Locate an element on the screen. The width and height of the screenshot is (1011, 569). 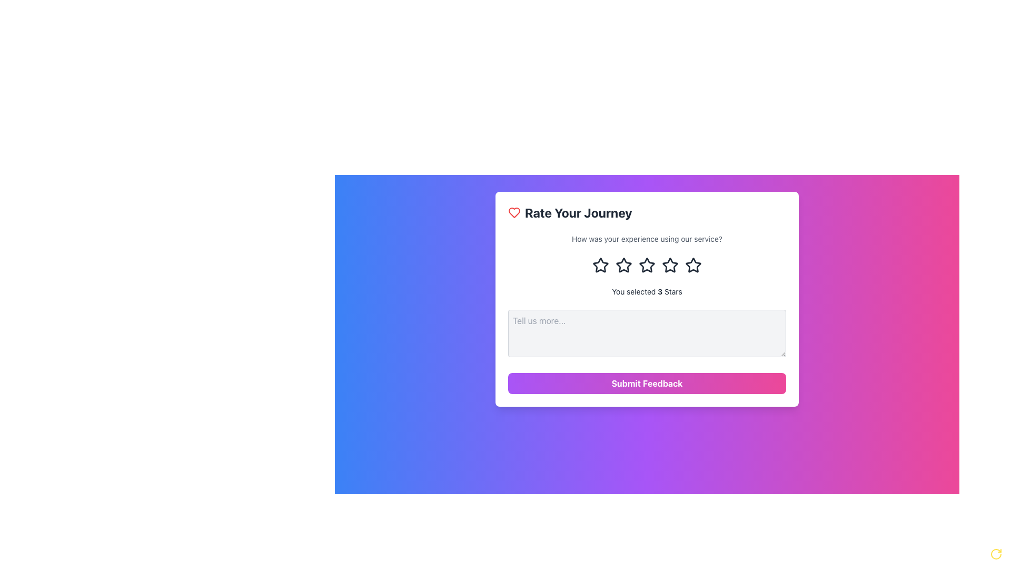
the third star icon in the rating system is located at coordinates (693, 264).